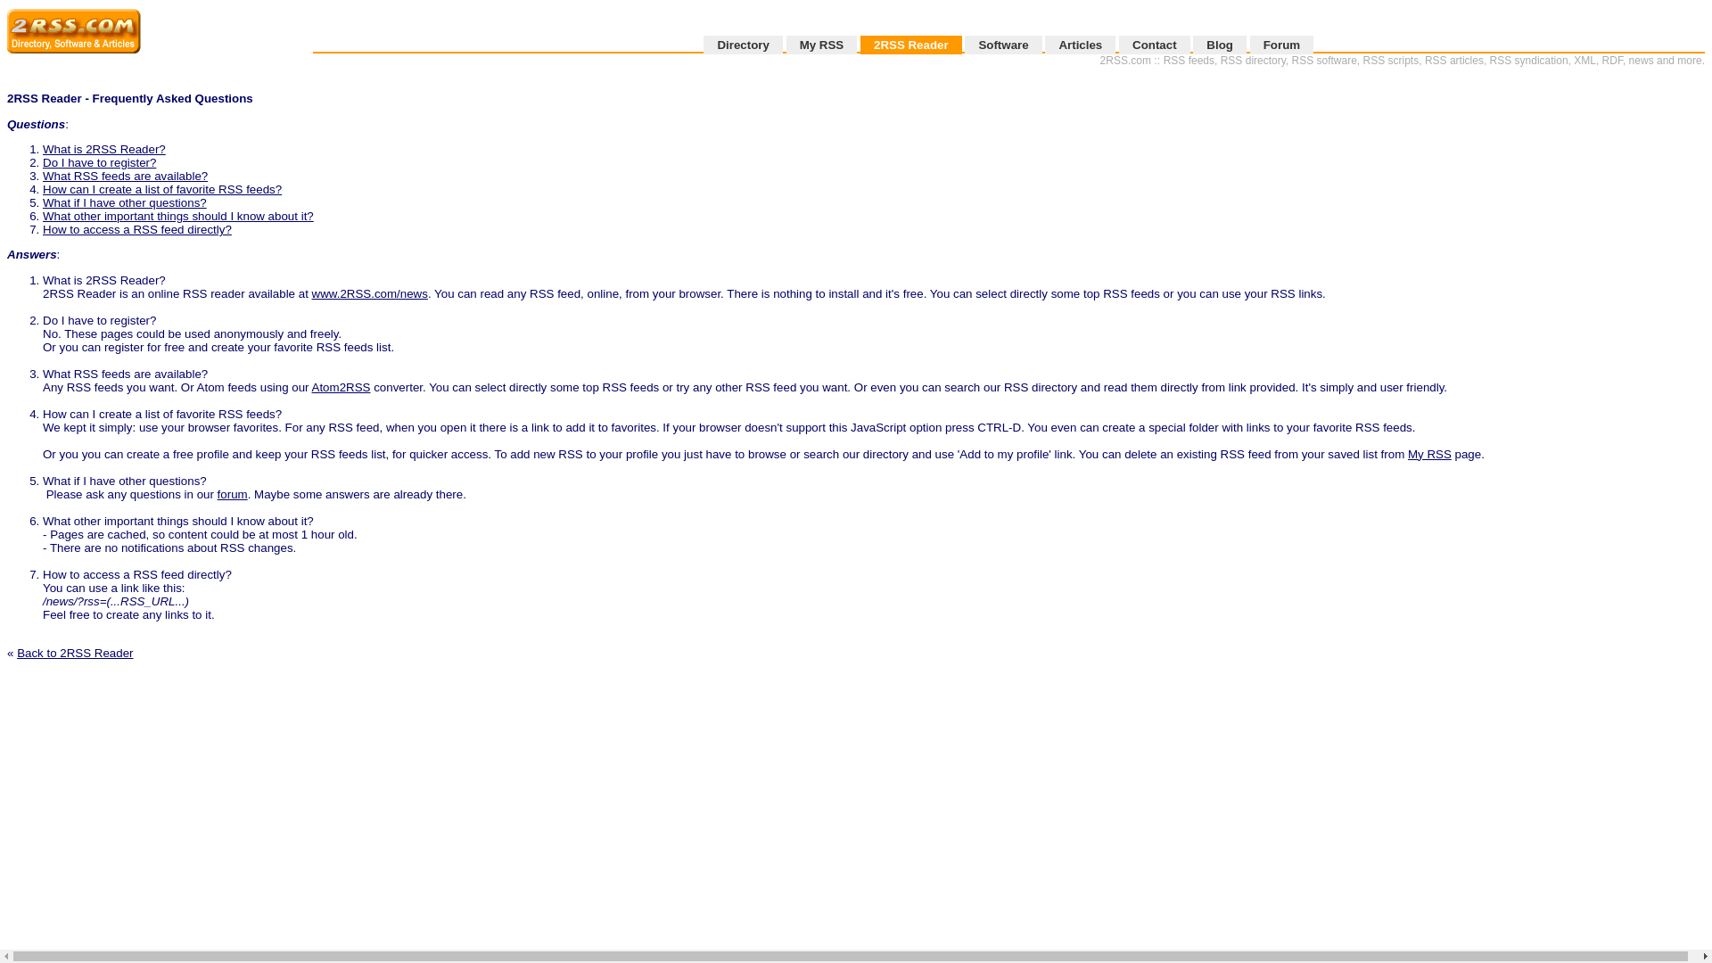 The height and width of the screenshot is (963, 1712). Describe the element at coordinates (368, 292) in the screenshot. I see `'www.2RSS.com/news'` at that location.